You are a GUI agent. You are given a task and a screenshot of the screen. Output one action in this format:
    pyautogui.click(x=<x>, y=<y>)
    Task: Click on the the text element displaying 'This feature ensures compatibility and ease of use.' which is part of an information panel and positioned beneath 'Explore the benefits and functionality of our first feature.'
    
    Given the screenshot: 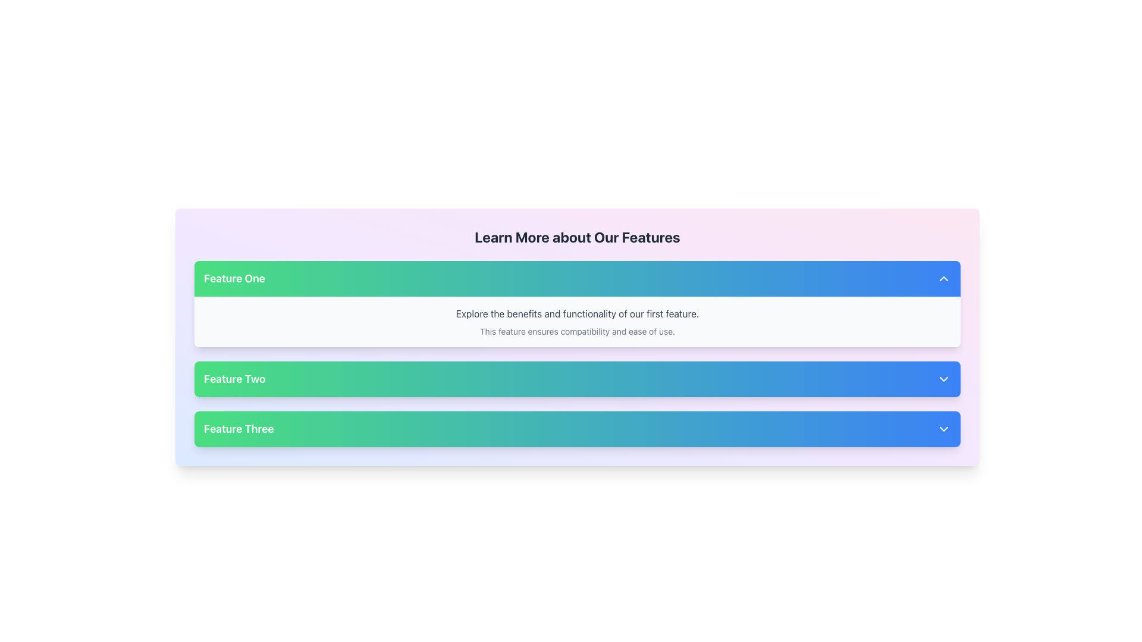 What is the action you would take?
    pyautogui.click(x=577, y=332)
    